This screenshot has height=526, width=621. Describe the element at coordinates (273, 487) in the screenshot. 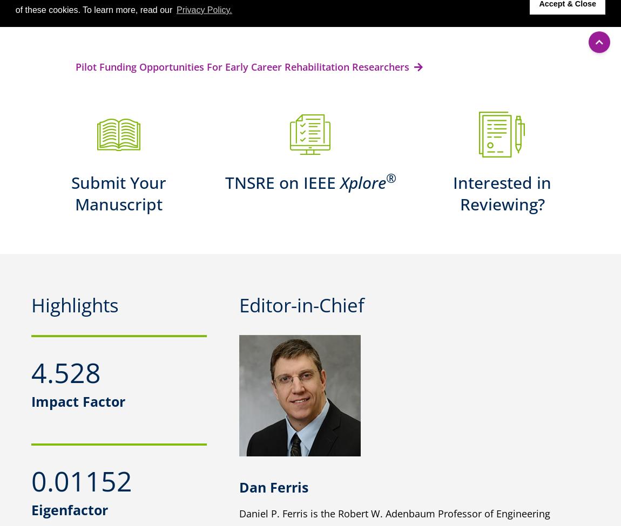

I see `'Dan Ferris'` at that location.